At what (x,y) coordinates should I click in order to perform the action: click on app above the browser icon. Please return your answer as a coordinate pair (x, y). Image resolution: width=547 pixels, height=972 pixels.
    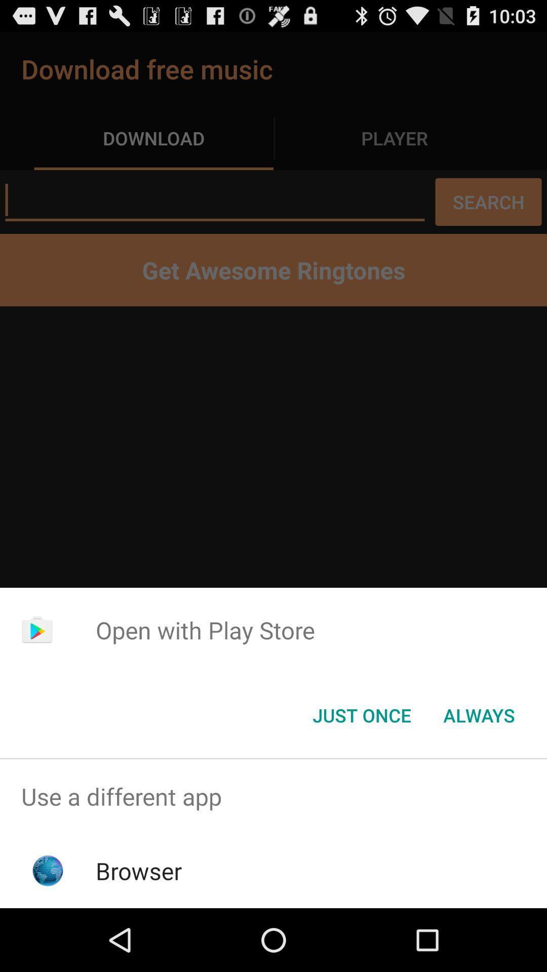
    Looking at the image, I should click on (273, 796).